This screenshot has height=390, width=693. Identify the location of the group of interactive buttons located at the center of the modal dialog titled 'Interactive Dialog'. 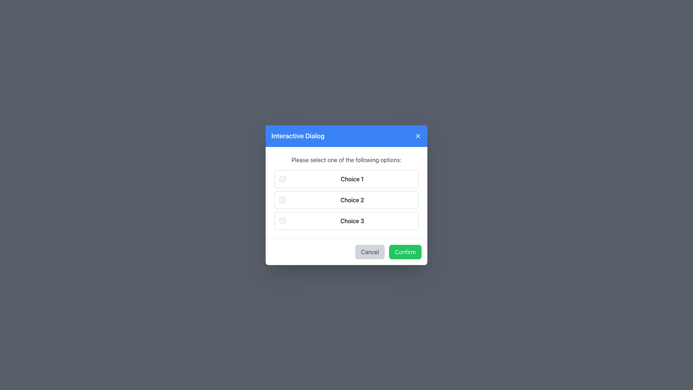
(346, 192).